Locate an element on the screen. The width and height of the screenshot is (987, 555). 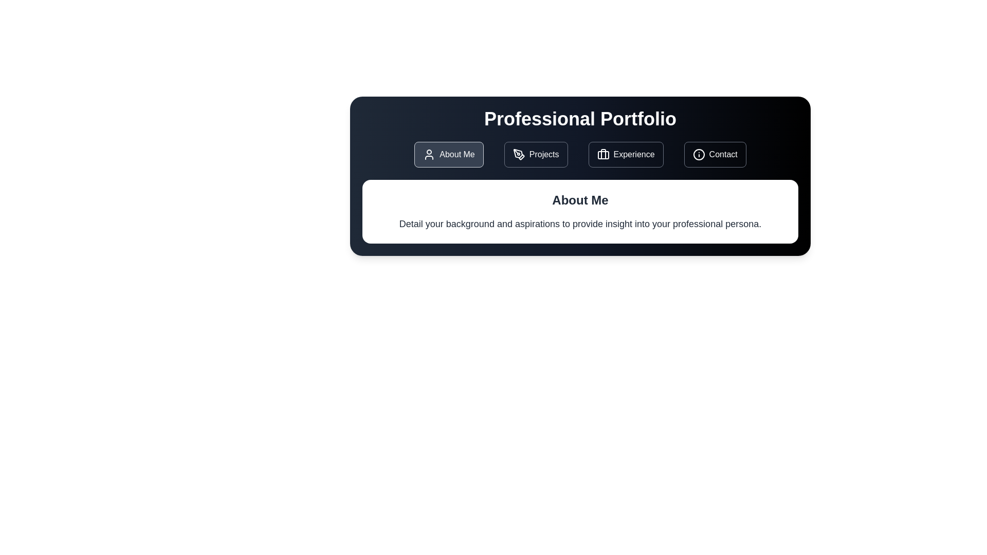
the SVG graphic representing a briefcase, which is the third element in the navigation bar under 'Professional Portfolio.' is located at coordinates (603, 155).